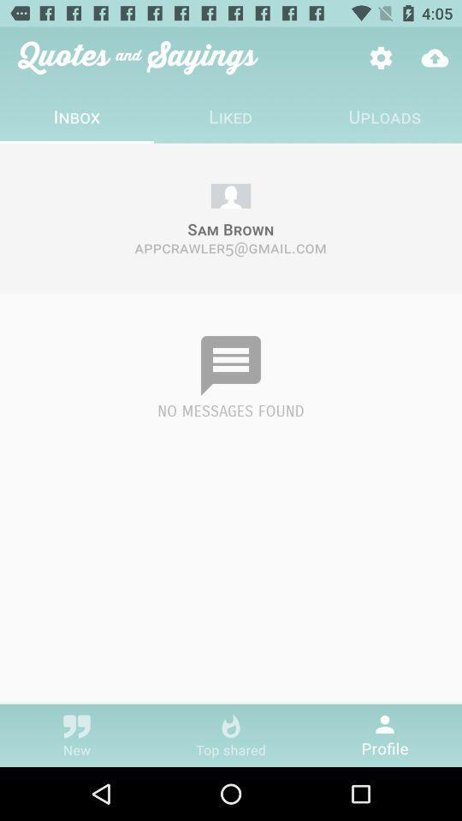  I want to click on icon above the uploads, so click(435, 57).